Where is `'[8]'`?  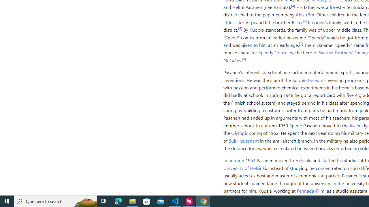 '[8]' is located at coordinates (244, 59).